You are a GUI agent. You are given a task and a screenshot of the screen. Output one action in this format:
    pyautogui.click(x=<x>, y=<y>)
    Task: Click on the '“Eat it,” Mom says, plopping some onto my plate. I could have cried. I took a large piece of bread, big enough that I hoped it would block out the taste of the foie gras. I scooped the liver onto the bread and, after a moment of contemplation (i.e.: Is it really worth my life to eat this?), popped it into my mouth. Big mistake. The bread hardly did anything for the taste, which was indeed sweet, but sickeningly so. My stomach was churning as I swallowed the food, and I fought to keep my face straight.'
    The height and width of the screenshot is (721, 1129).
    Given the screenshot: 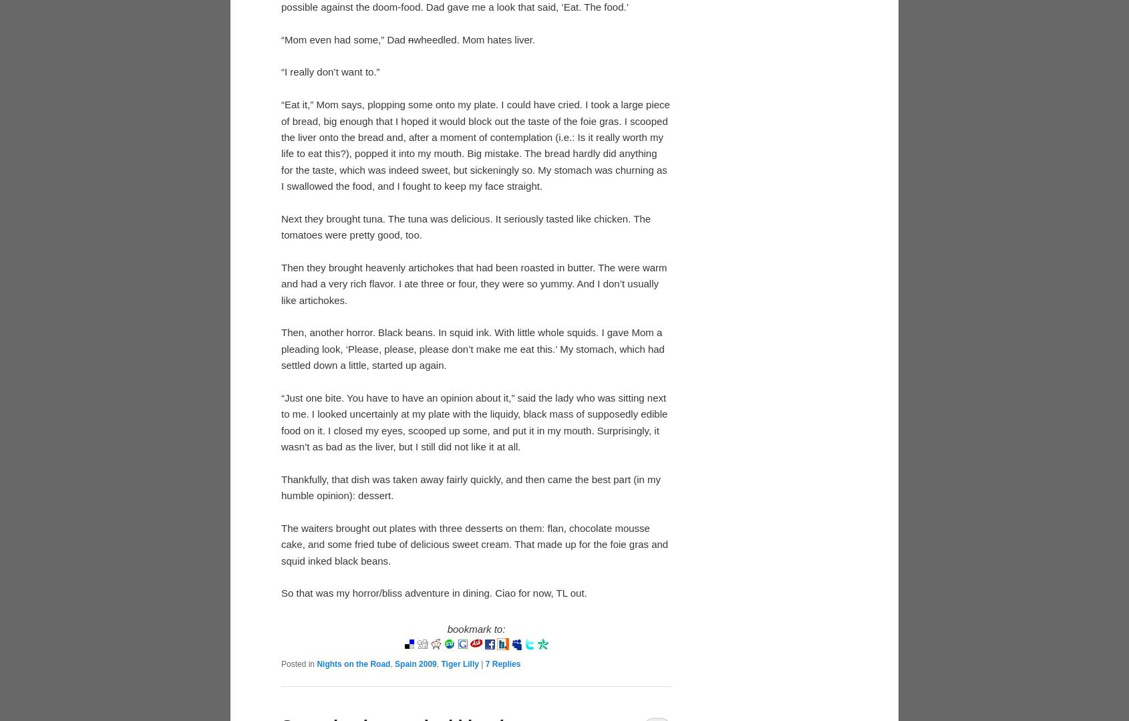 What is the action you would take?
    pyautogui.click(x=474, y=144)
    